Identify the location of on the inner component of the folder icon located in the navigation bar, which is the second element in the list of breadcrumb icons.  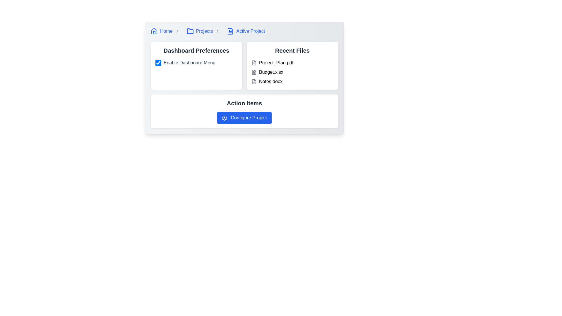
(190, 31).